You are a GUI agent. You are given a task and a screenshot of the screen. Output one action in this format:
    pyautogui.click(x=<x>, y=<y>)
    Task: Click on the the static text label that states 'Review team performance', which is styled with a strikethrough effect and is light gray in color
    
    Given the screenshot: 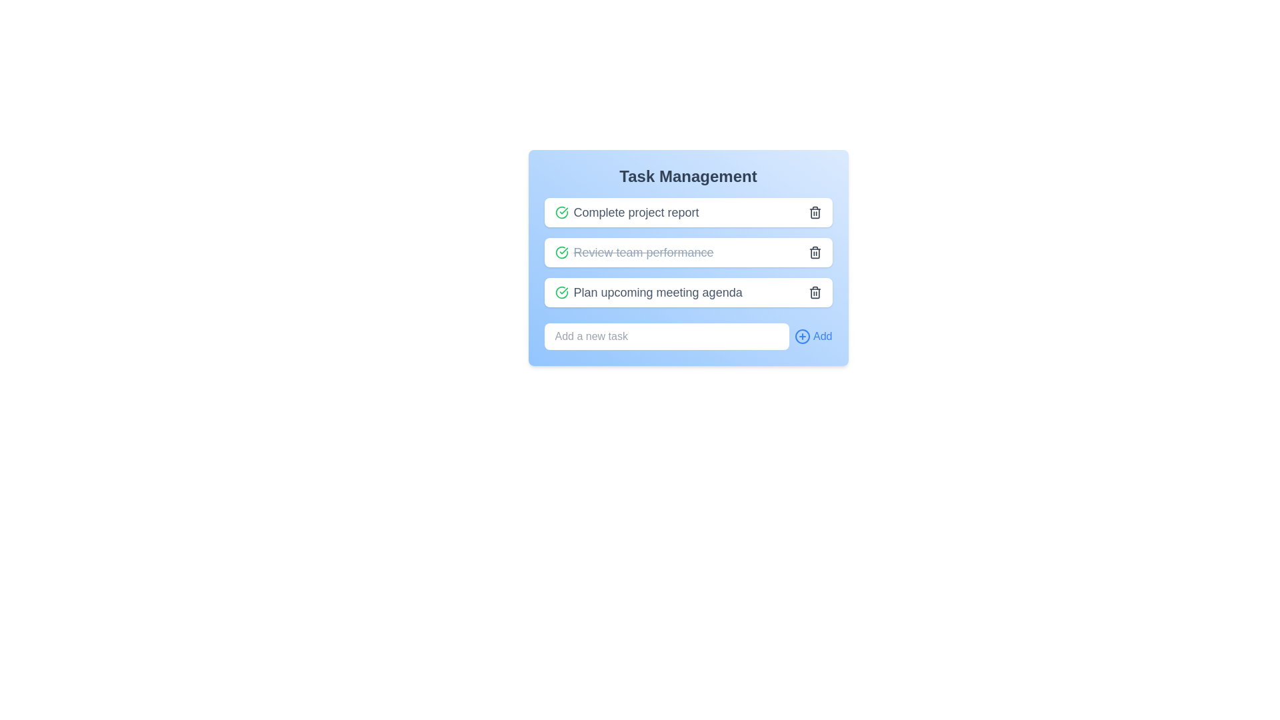 What is the action you would take?
    pyautogui.click(x=643, y=252)
    